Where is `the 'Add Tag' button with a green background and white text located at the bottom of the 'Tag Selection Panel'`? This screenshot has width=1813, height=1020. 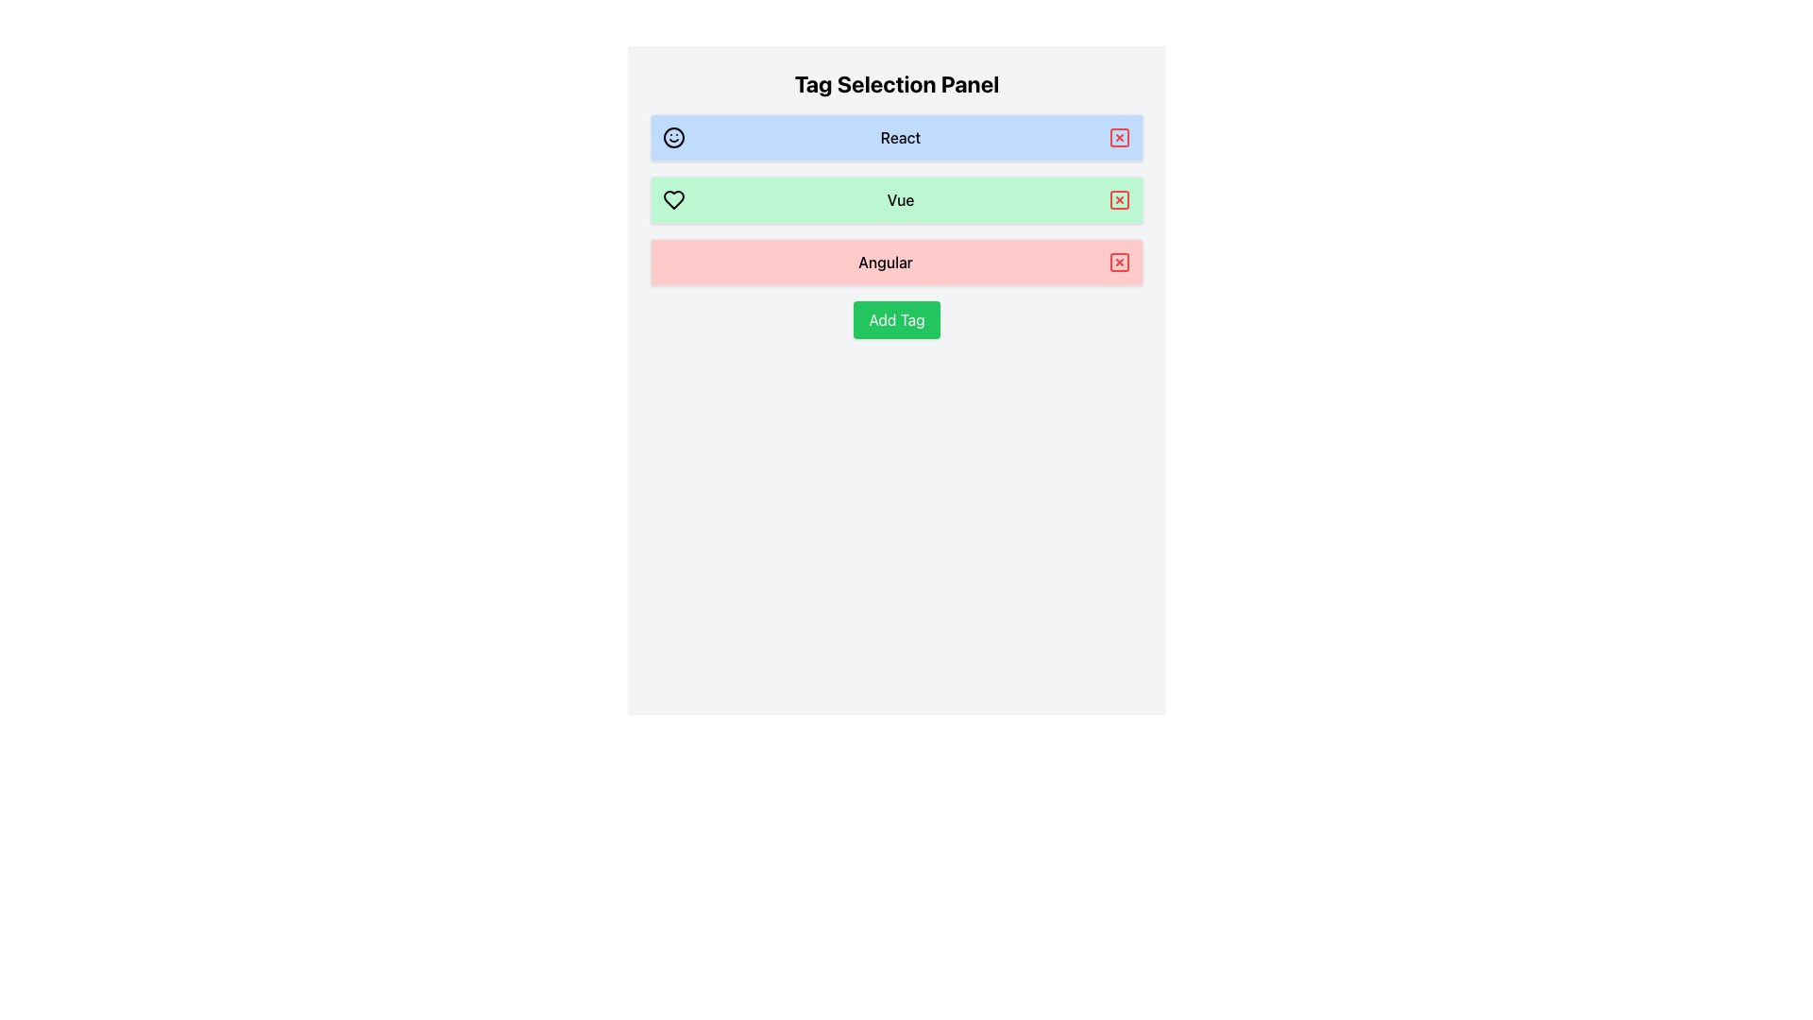
the 'Add Tag' button with a green background and white text located at the bottom of the 'Tag Selection Panel' is located at coordinates (896, 319).